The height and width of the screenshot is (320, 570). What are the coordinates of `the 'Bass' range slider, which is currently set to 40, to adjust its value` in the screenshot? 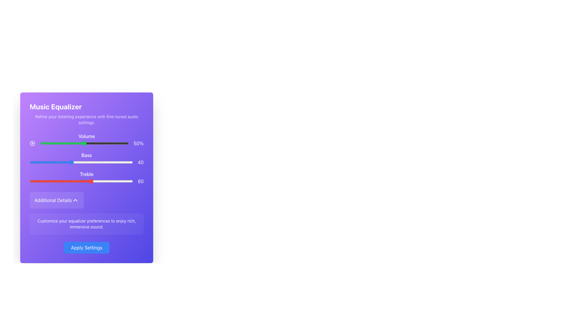 It's located at (86, 159).